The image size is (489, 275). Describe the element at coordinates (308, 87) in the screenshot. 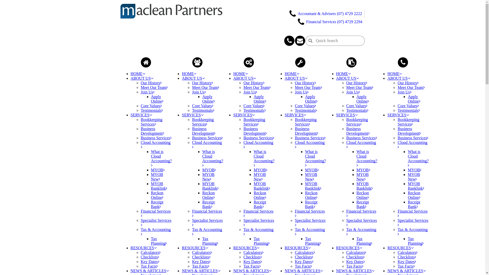

I see `'Meet Our Team'` at that location.